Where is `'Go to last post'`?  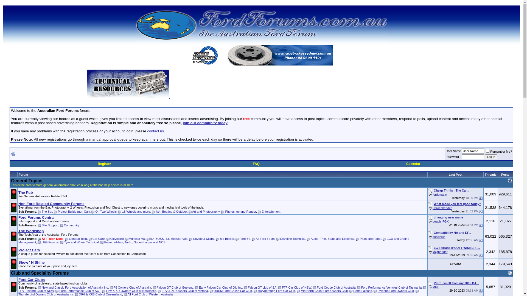
'Go to last post' is located at coordinates (481, 225).